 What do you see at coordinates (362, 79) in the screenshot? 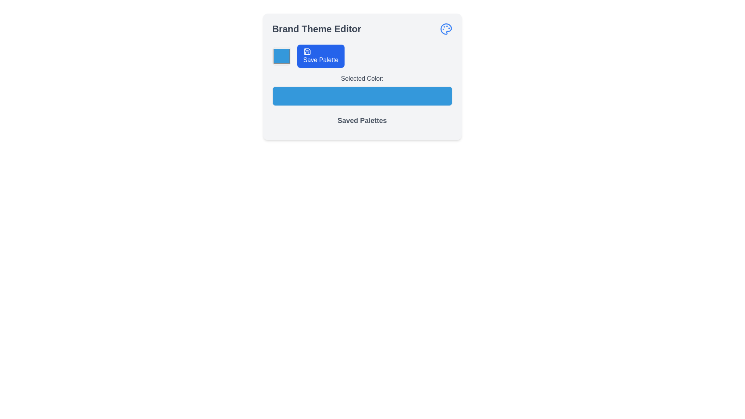
I see `the 'Selected Color:' text label in the 'Brand Theme Editor' section, which is styled in gray and serves as a descriptor for the color selection feature` at bounding box center [362, 79].